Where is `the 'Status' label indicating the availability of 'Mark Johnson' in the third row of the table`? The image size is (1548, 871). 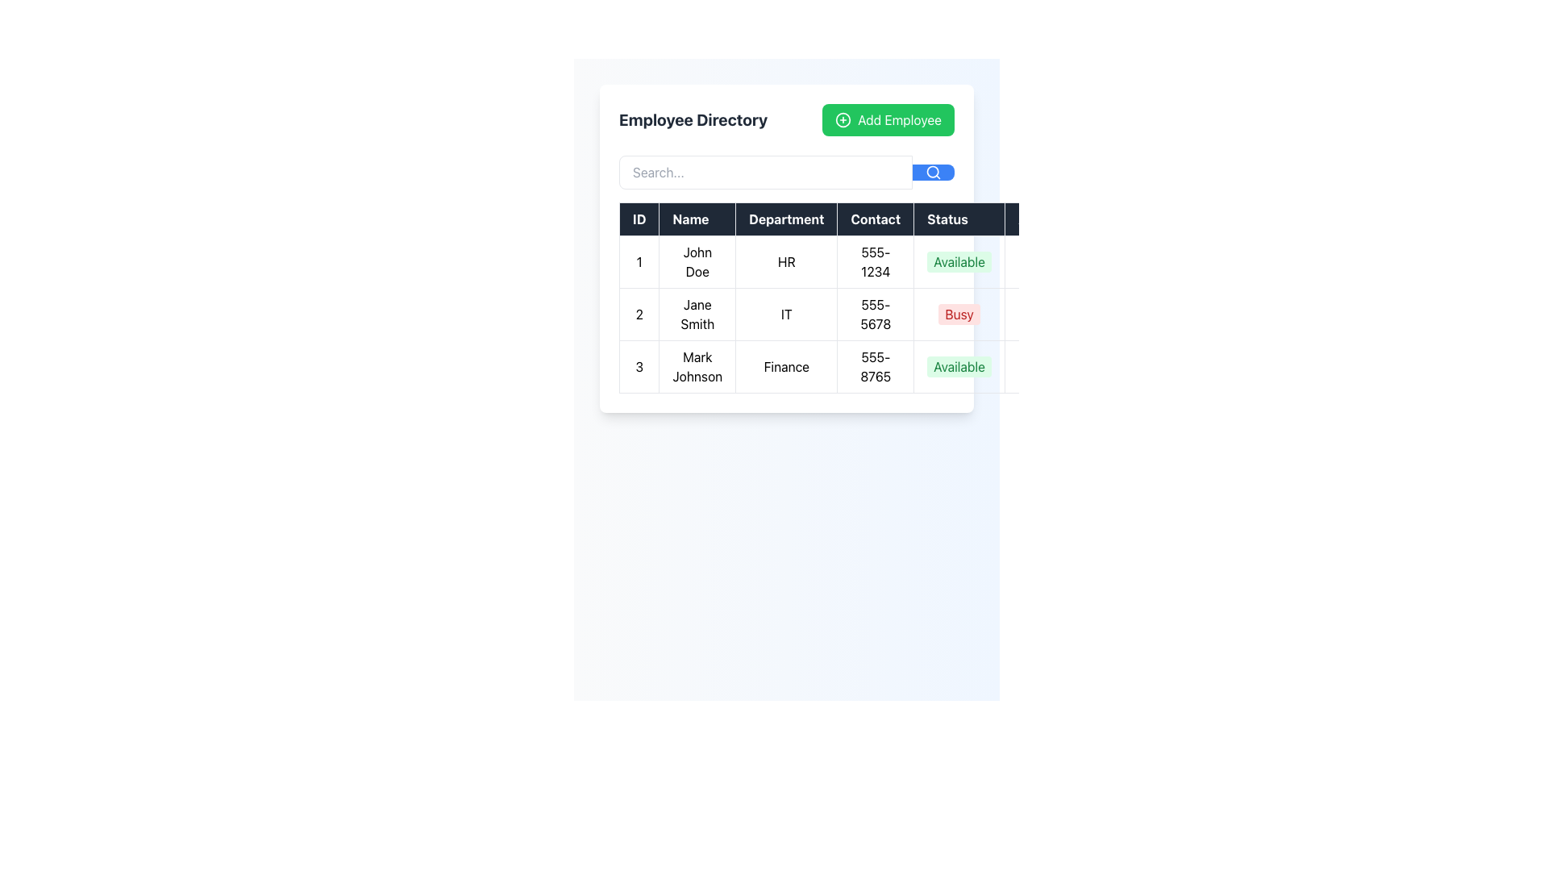 the 'Status' label indicating the availability of 'Mark Johnson' in the third row of the table is located at coordinates (959, 367).